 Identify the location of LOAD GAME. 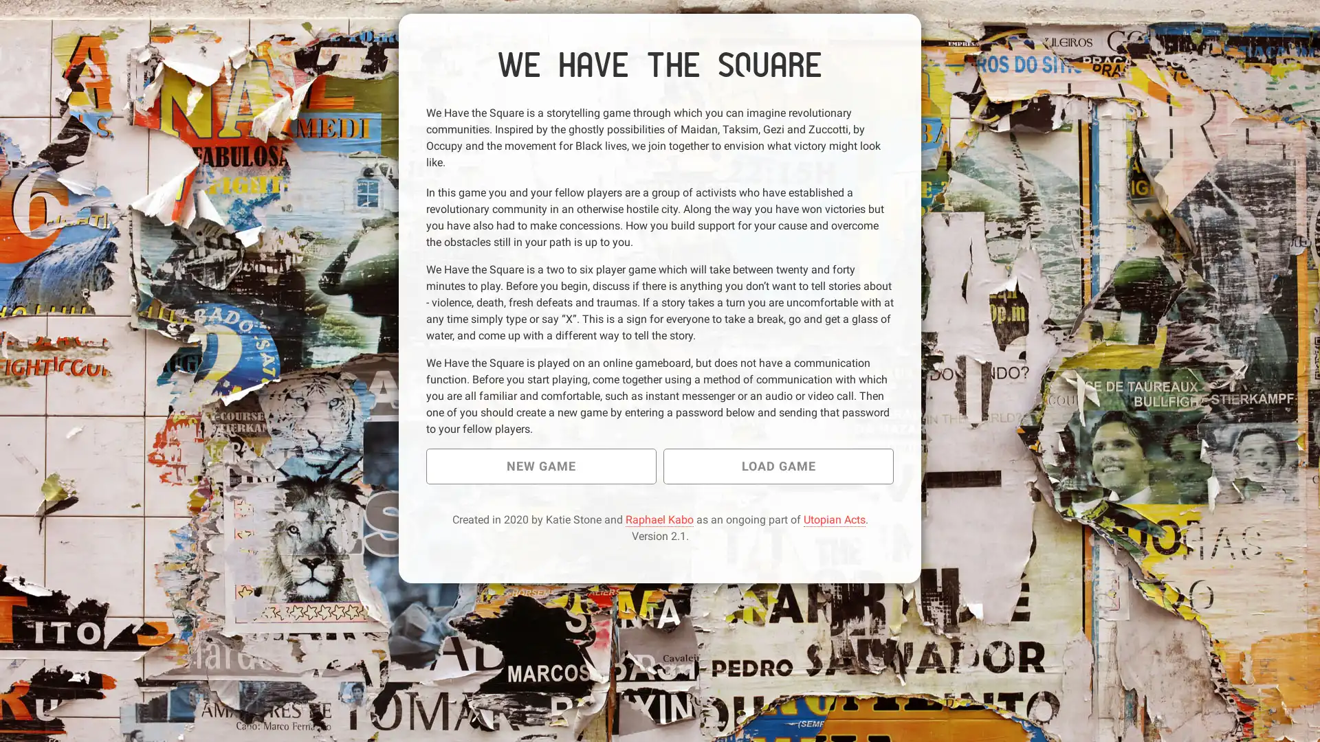
(778, 465).